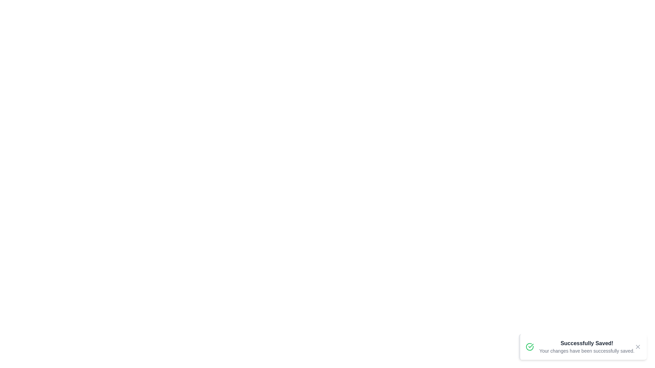 This screenshot has height=368, width=655. What do you see at coordinates (638, 347) in the screenshot?
I see `the close button to dismiss the notification` at bounding box center [638, 347].